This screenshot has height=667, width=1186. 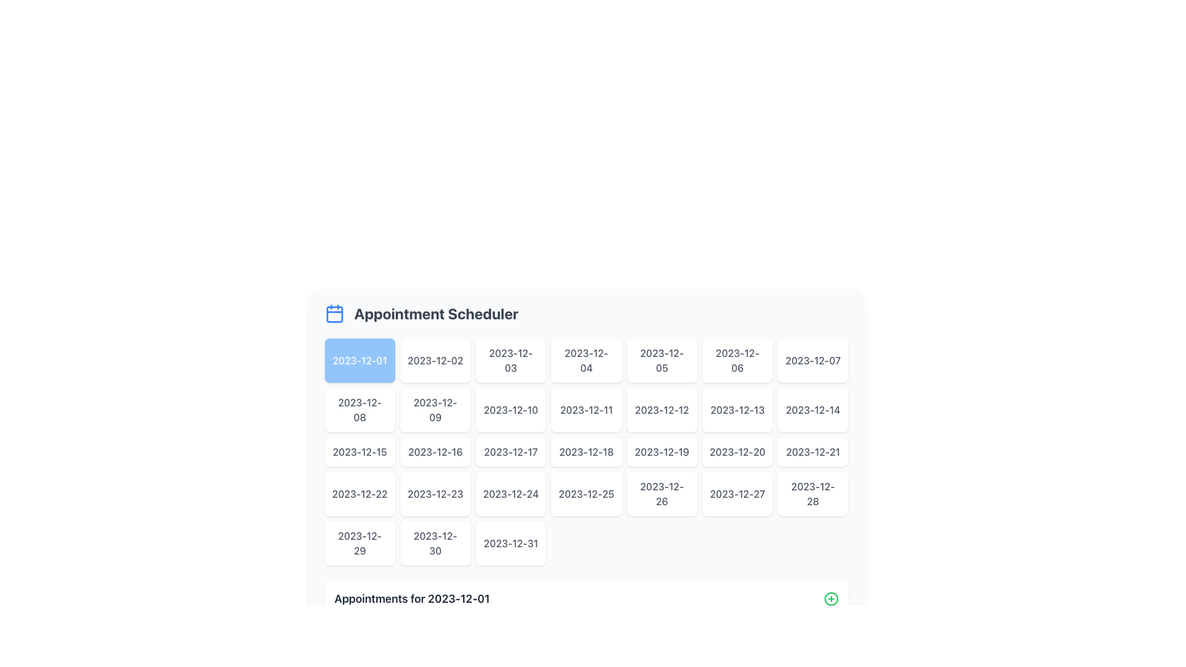 I want to click on the text label 'Appointment Scheduler', which is styled in bold, 2xl font size, and gray color, located in the top portion of the interface, horizontally centered, to the right of the calendar icon, so click(x=436, y=313).